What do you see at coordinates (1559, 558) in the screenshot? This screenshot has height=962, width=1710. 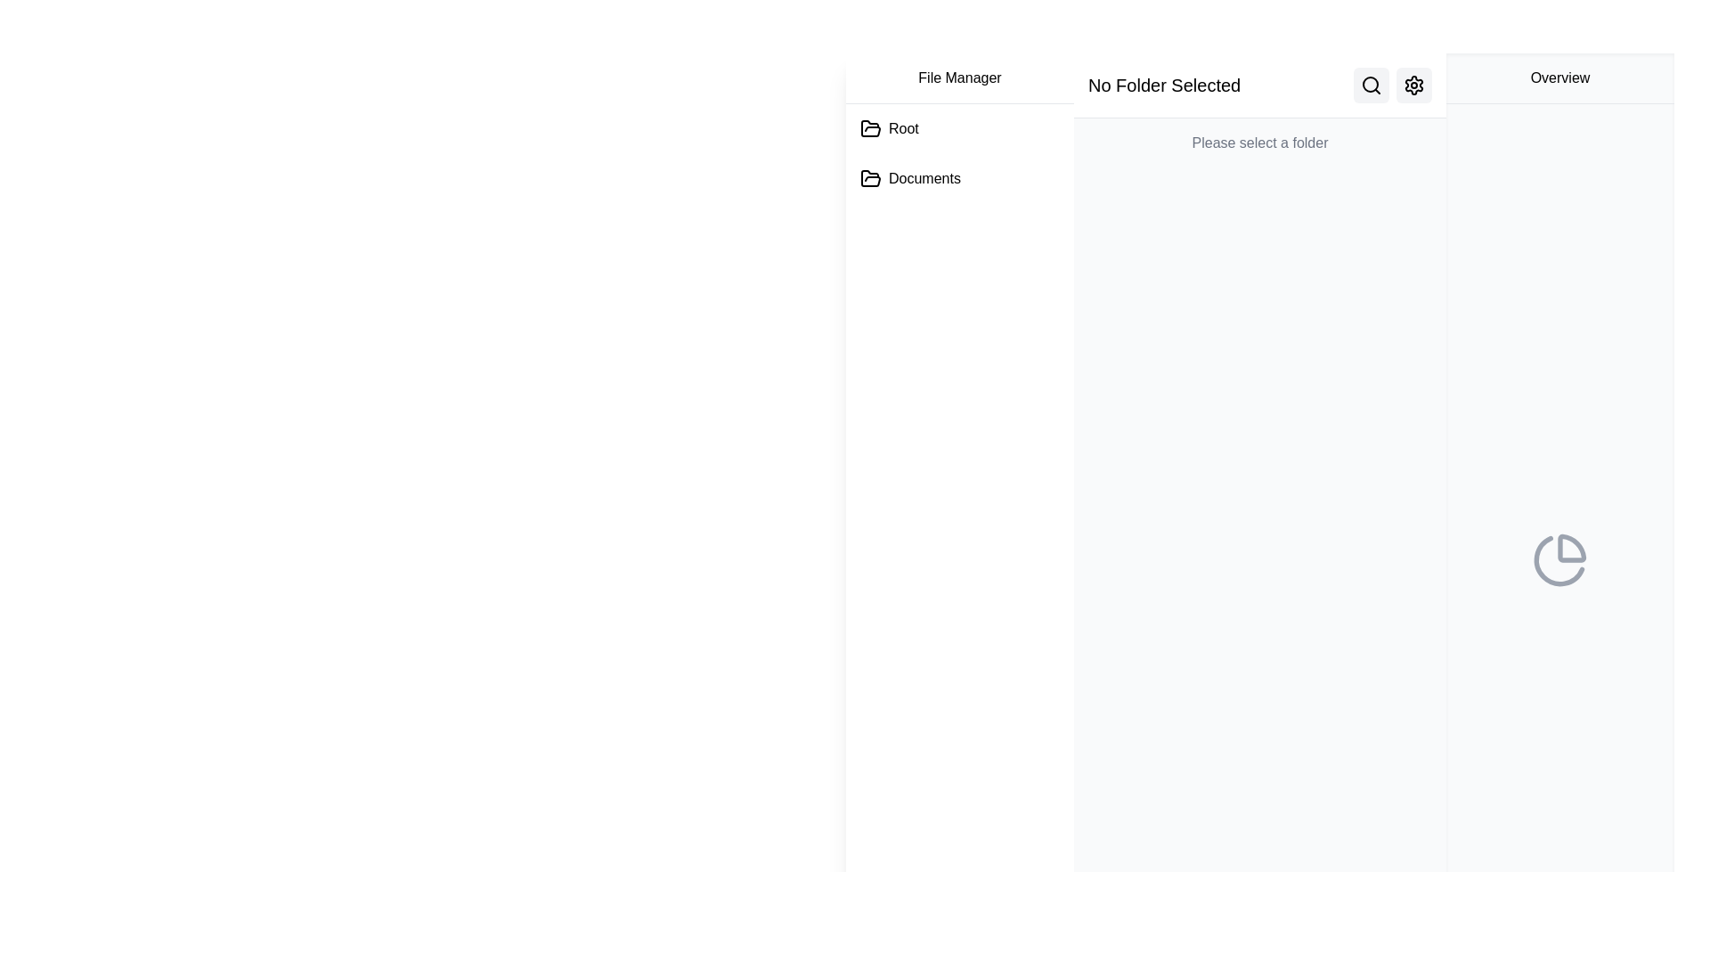 I see `the pie chart icon located in the bottom-right corner of the right panel, which symbolizes data visualization` at bounding box center [1559, 558].